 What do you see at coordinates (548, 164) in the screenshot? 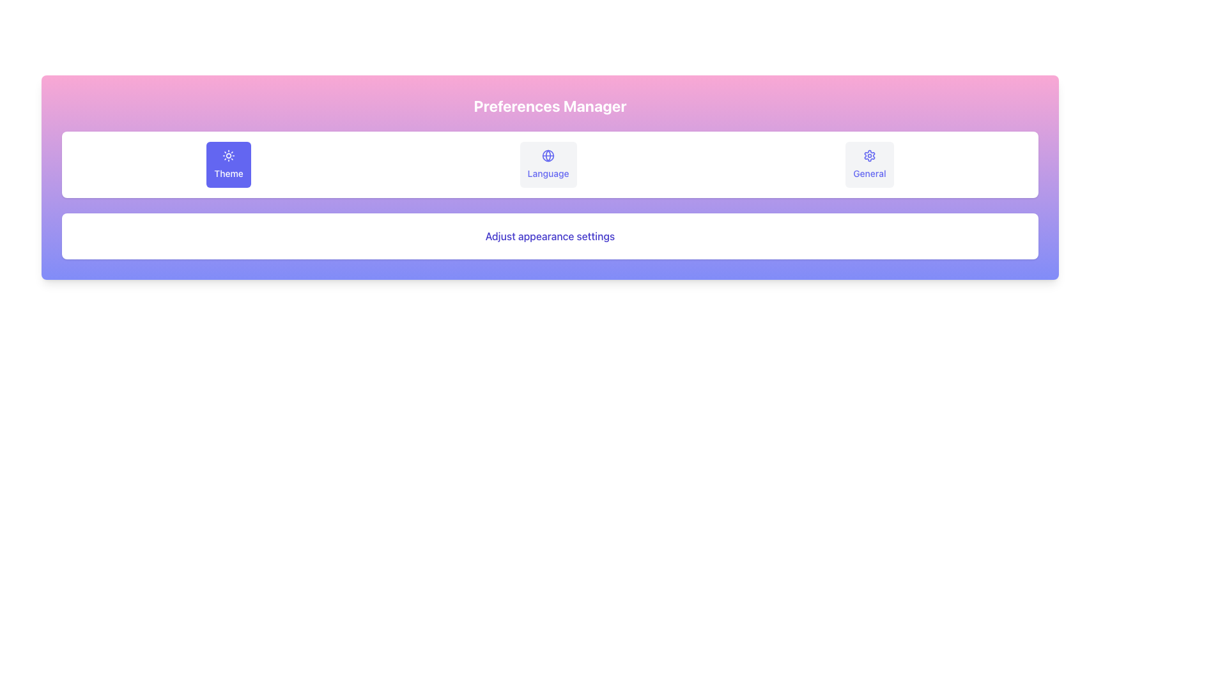
I see `the language settings button in the Preferences Manager interface` at bounding box center [548, 164].